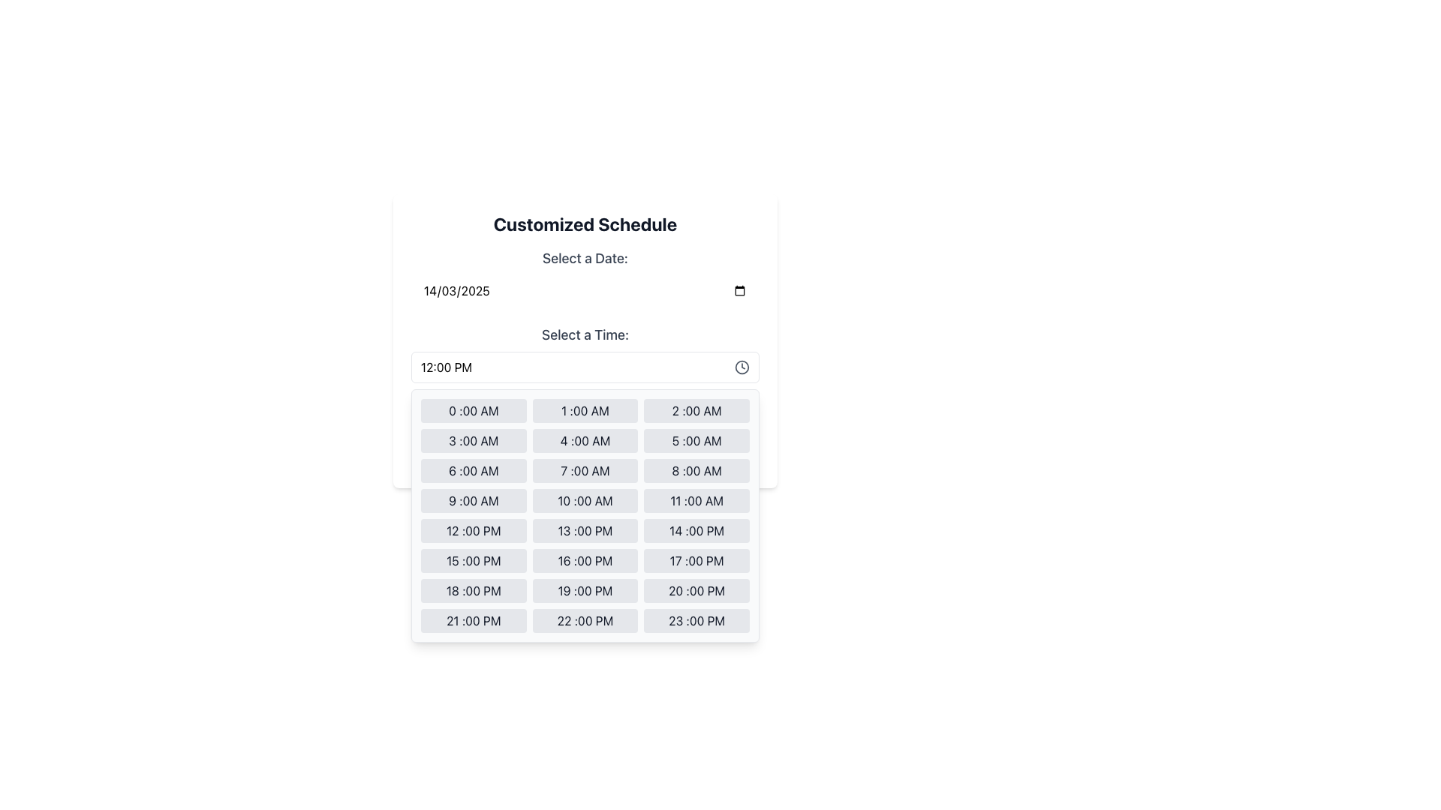  Describe the element at coordinates (696, 561) in the screenshot. I see `the rectangular button with rounded corners displaying '17 :00 PM'` at that location.